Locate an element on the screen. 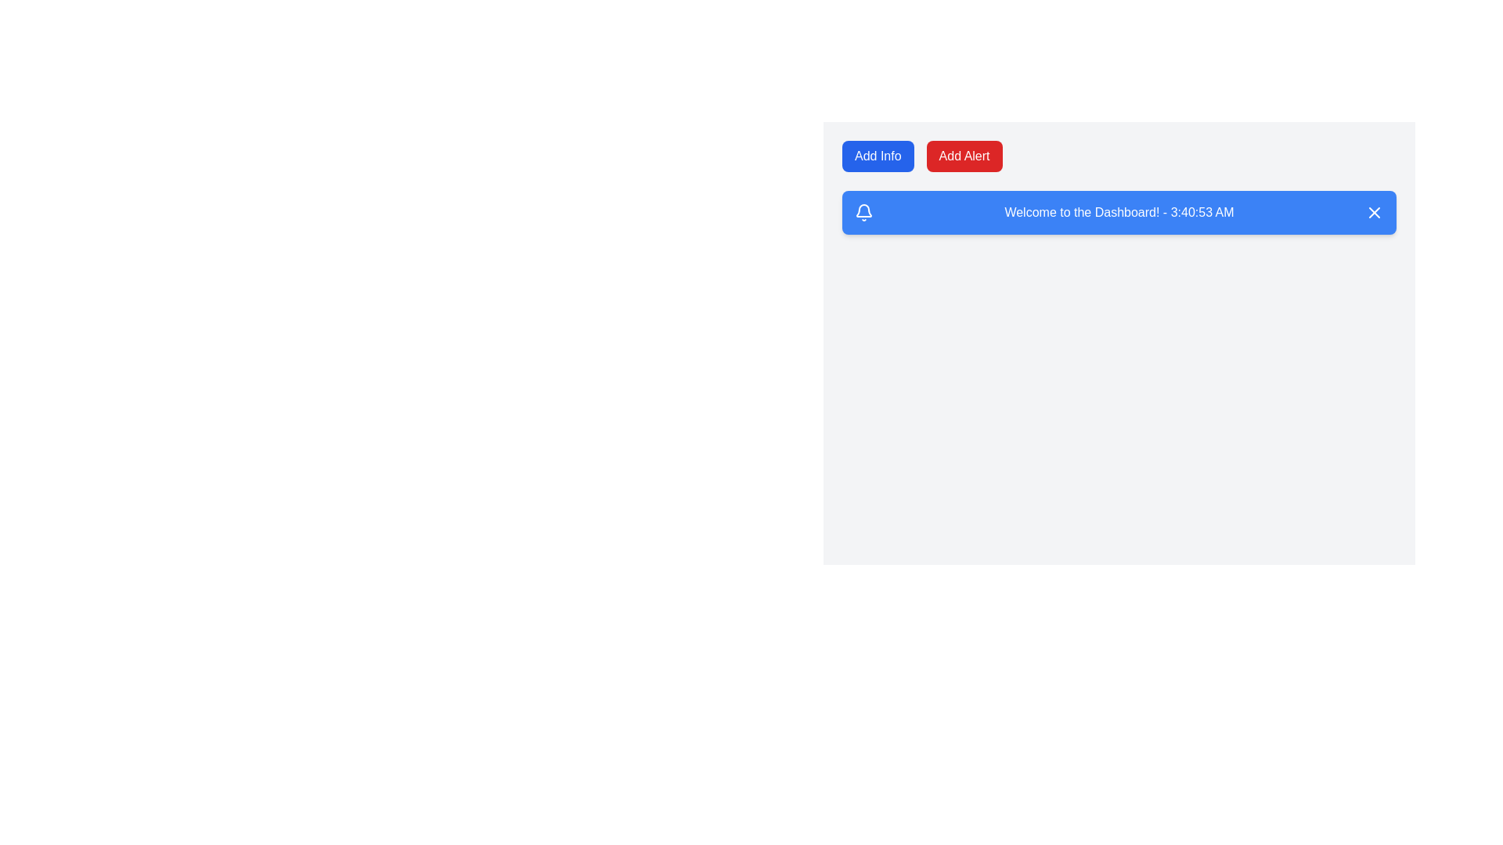  the notification icon located in the blue notification card, adjacent to the text 'Welcome to the Dashboard! - 3:40:53 AM' is located at coordinates (863, 213).